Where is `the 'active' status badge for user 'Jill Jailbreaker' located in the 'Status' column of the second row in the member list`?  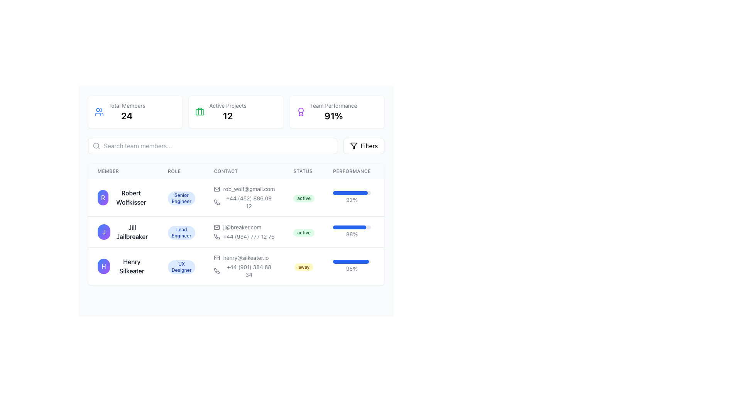
the 'active' status badge for user 'Jill Jailbreaker' located in the 'Status' column of the second row in the member list is located at coordinates (303, 232).